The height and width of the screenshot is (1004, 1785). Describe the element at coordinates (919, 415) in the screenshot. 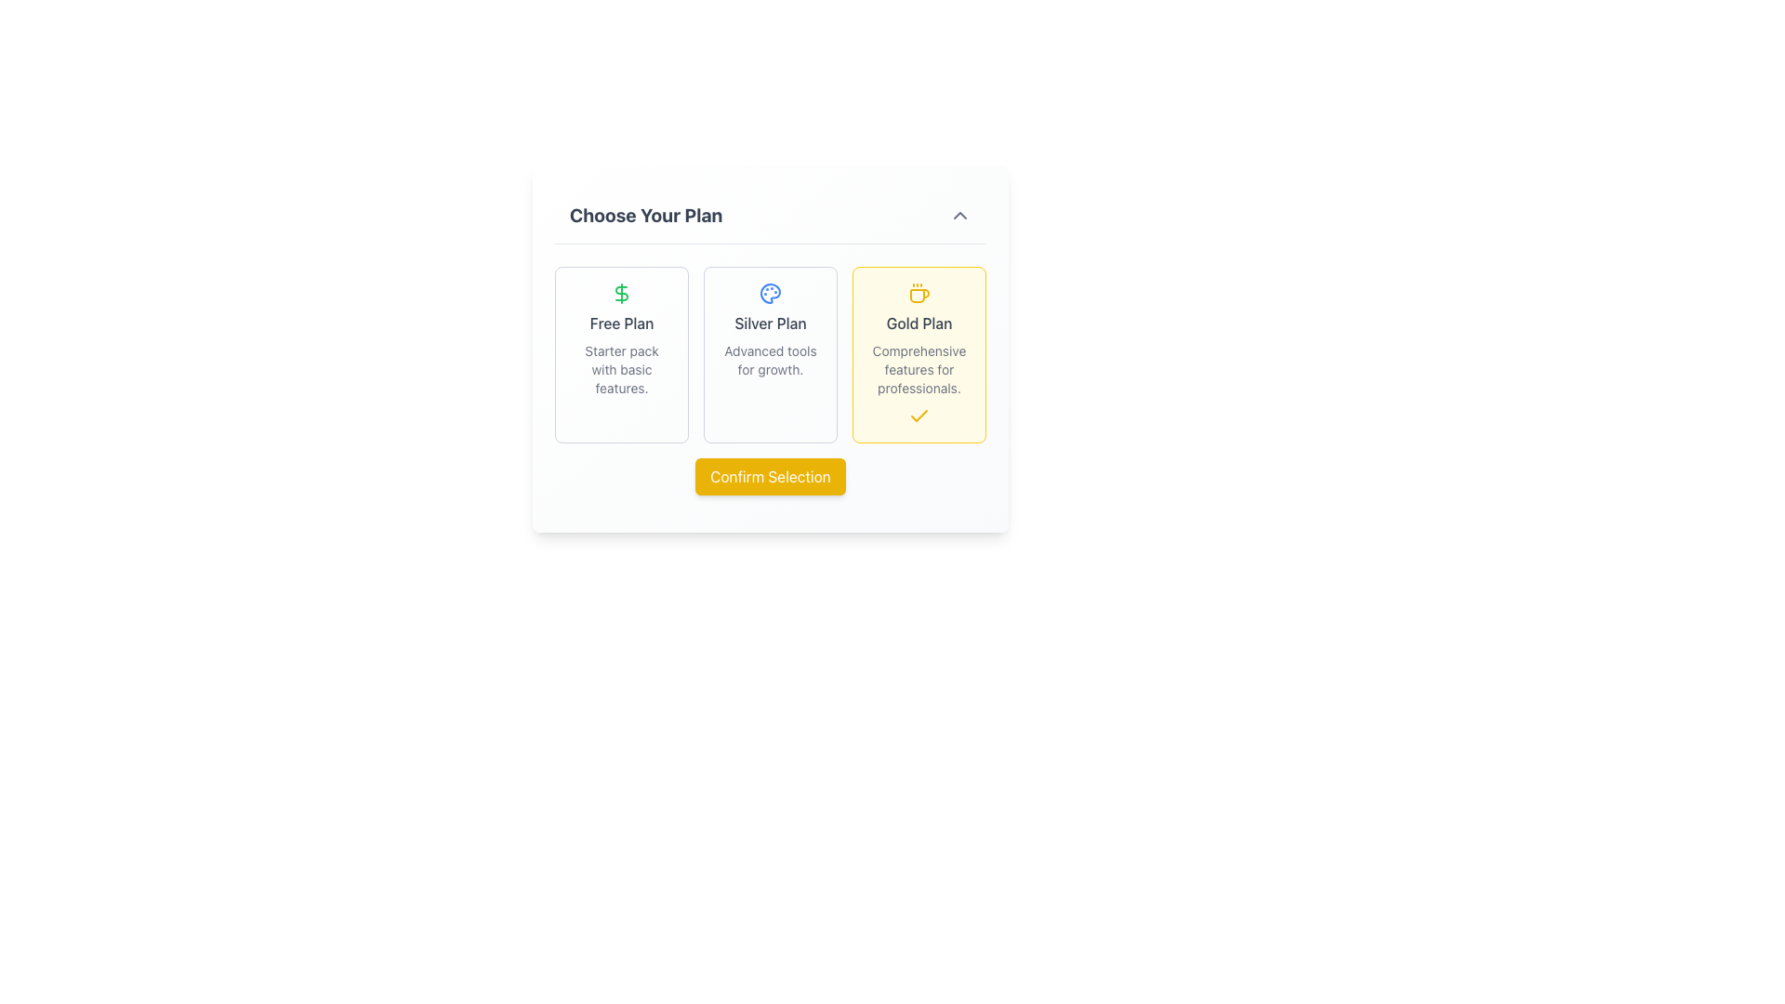

I see `the checkmark icon indicating selection or confirmation of the 'Gold Plan' option located at the bottom of the 'Gold Plan' card` at that location.